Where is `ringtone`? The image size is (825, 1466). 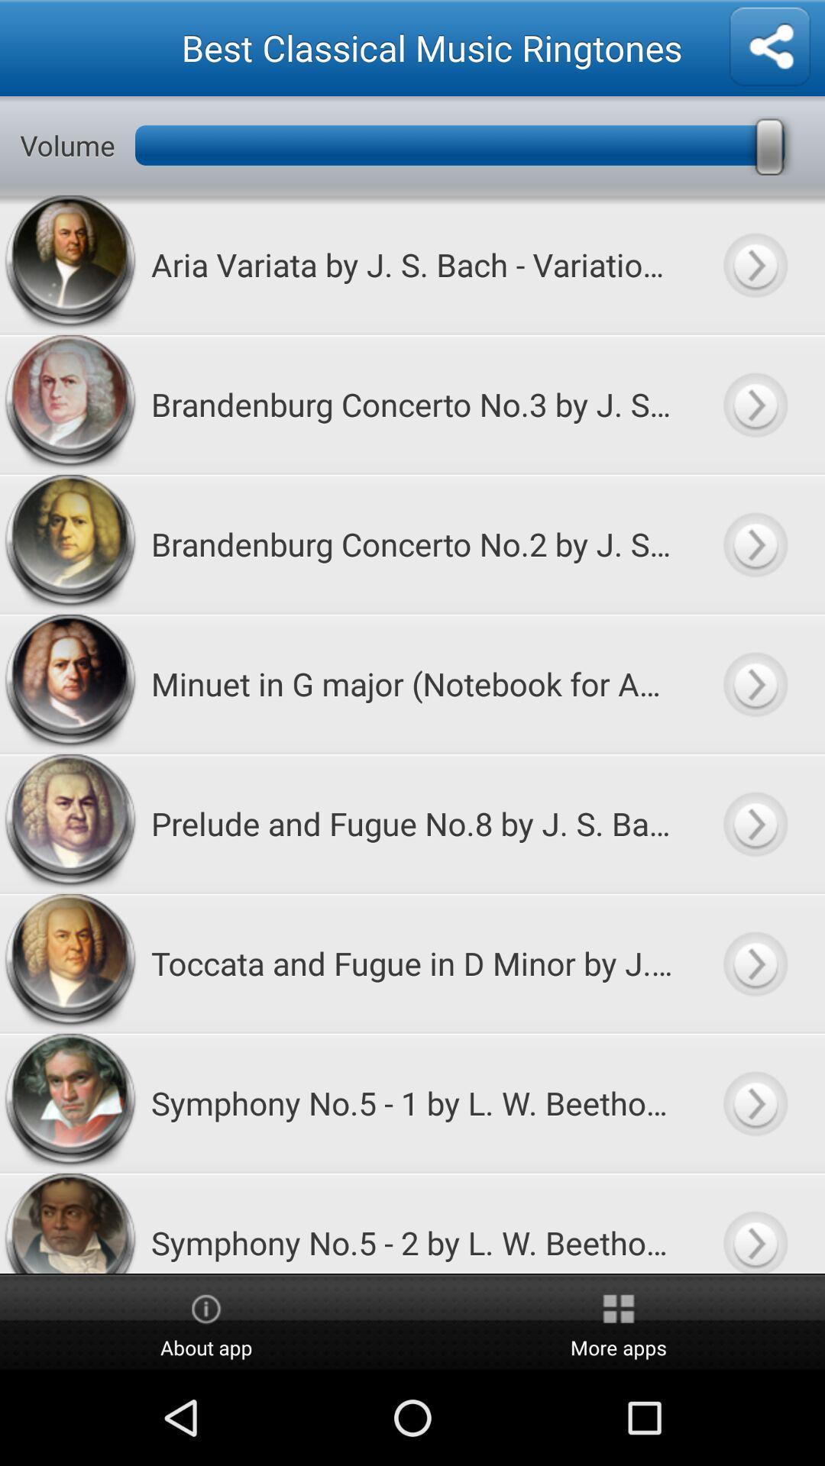 ringtone is located at coordinates (754, 822).